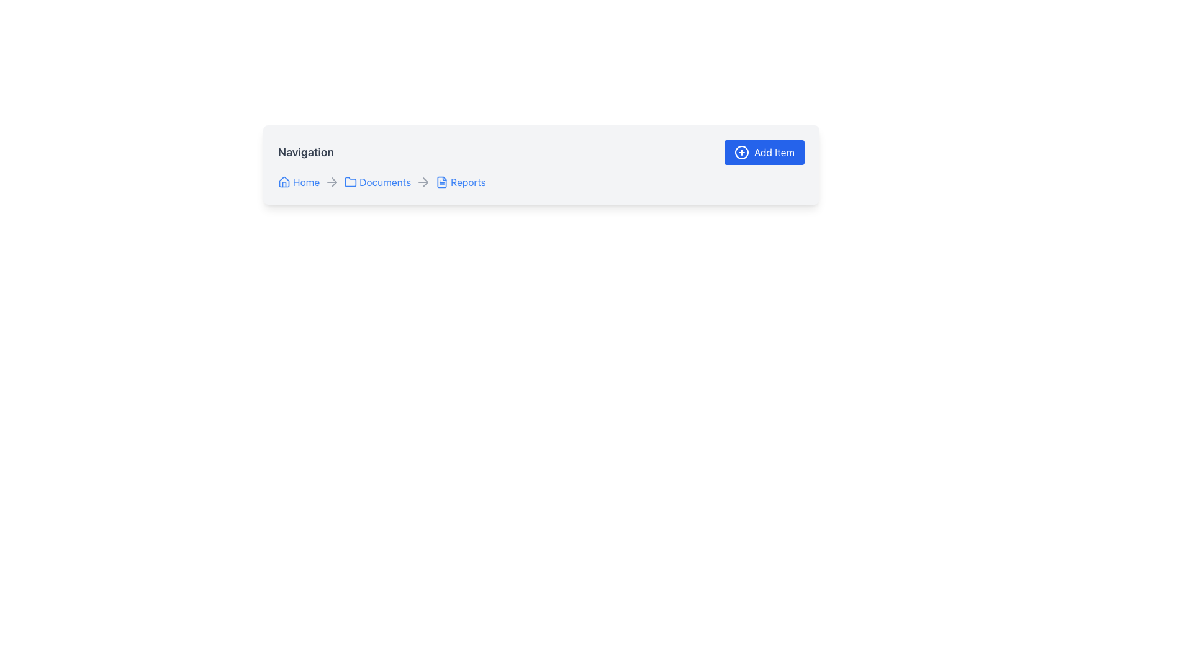 The width and height of the screenshot is (1192, 670). I want to click on the 'Documents' hyperlink in the breadcrumb navigation to trigger the underline effect, so click(377, 182).